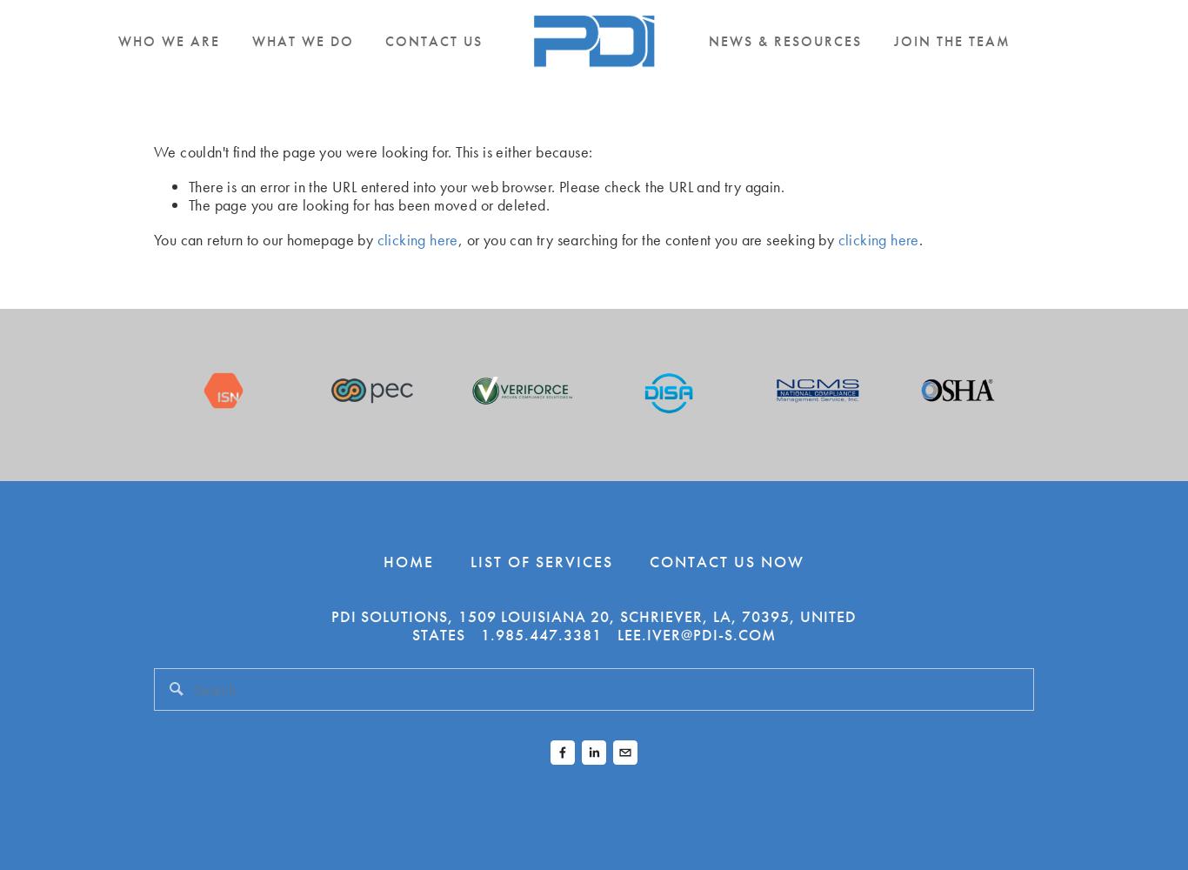  Describe the element at coordinates (470, 560) in the screenshot. I see `'List of Services'` at that location.